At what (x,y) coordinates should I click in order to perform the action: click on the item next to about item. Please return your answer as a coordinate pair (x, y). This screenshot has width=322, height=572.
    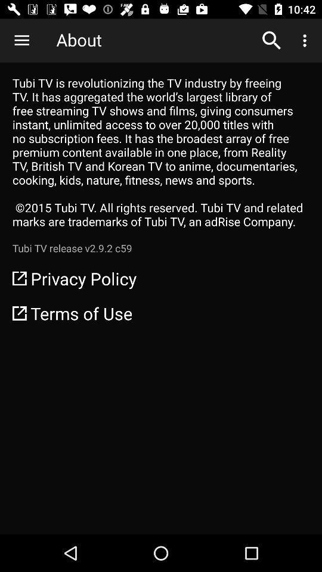
    Looking at the image, I should click on (271, 41).